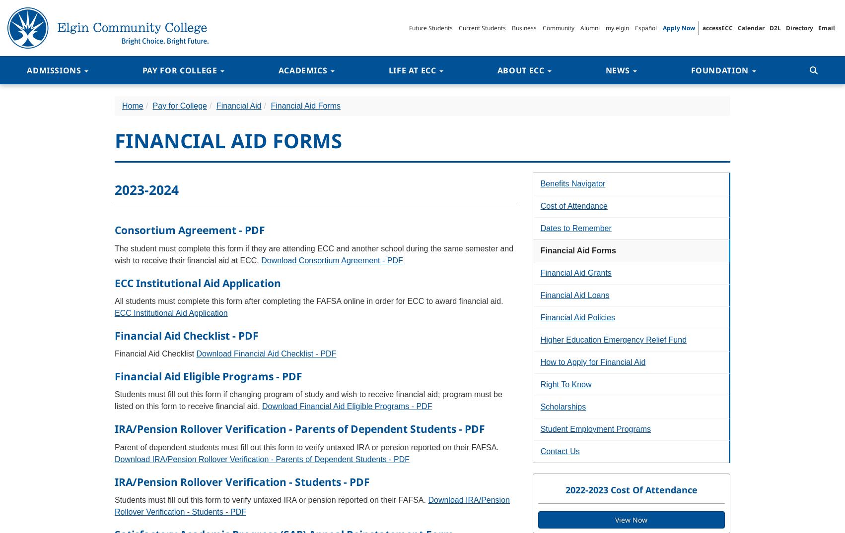  Describe the element at coordinates (309, 300) in the screenshot. I see `'All students must complete this form after completing the FAFSA online in order for ECC to award financial aid.'` at that location.